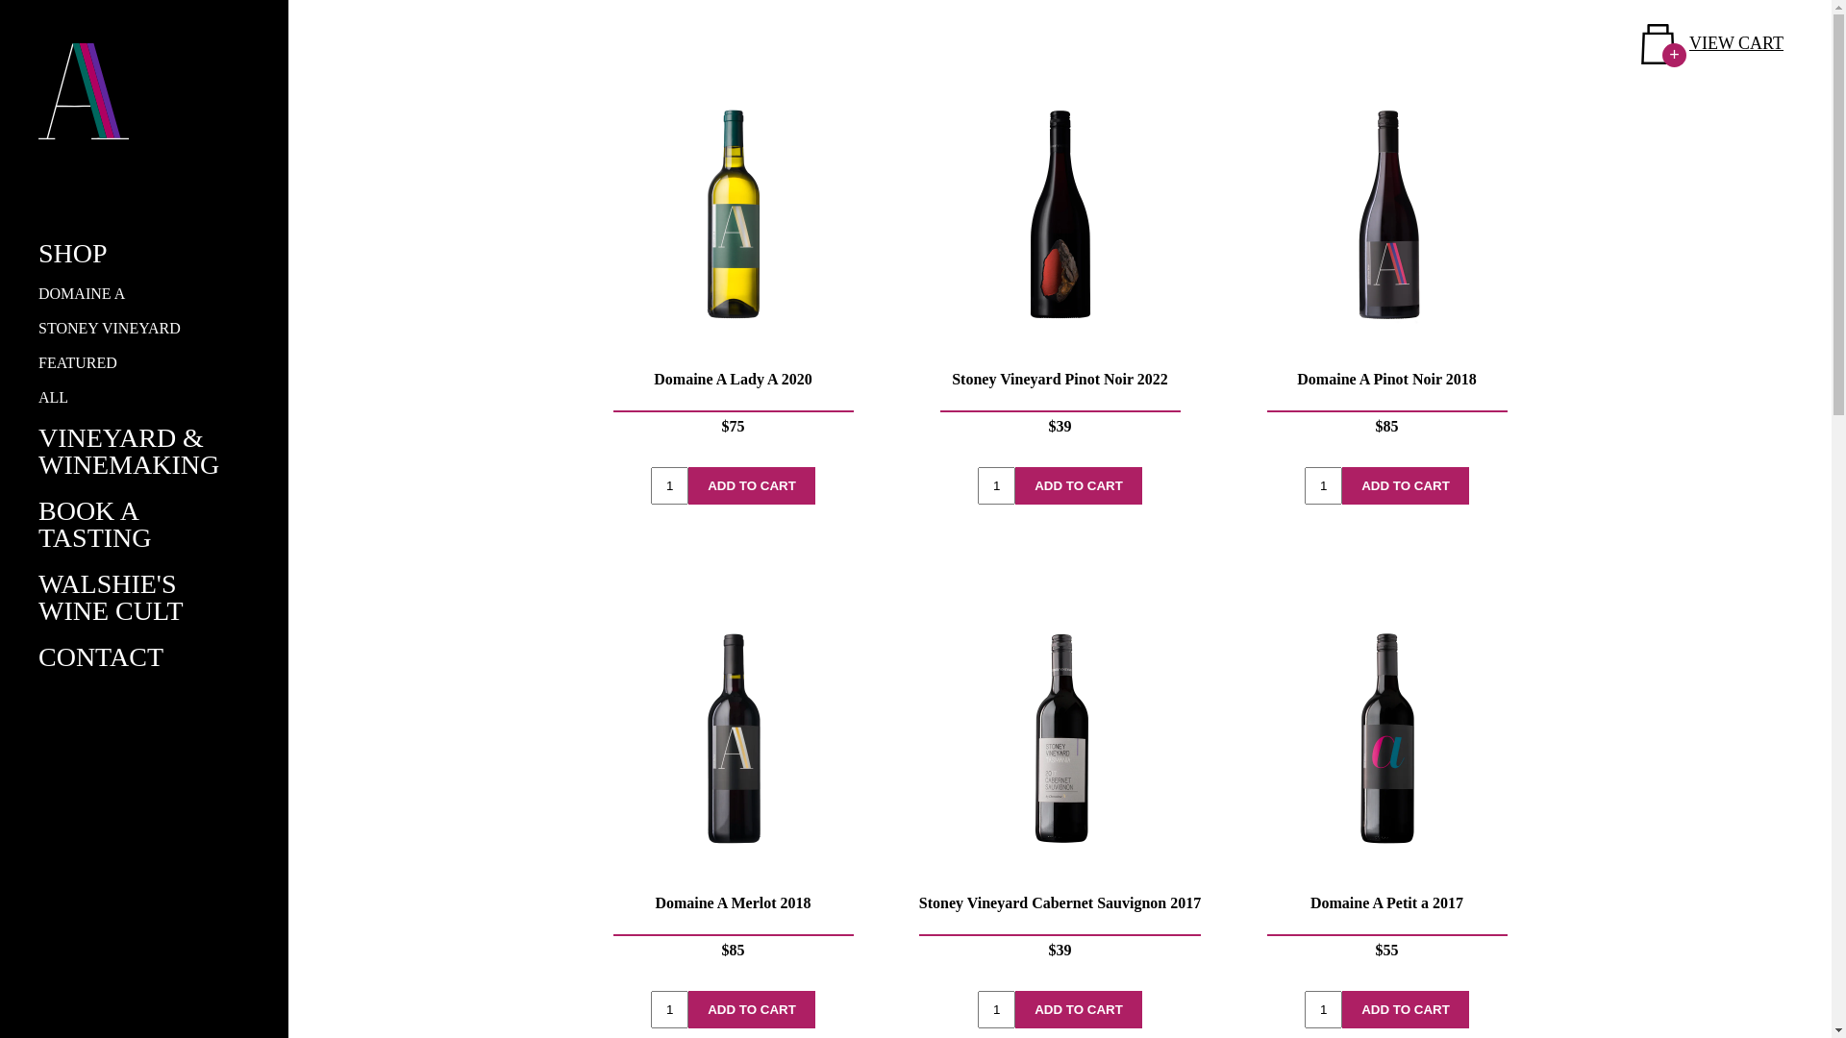  What do you see at coordinates (53, 396) in the screenshot?
I see `'ALL'` at bounding box center [53, 396].